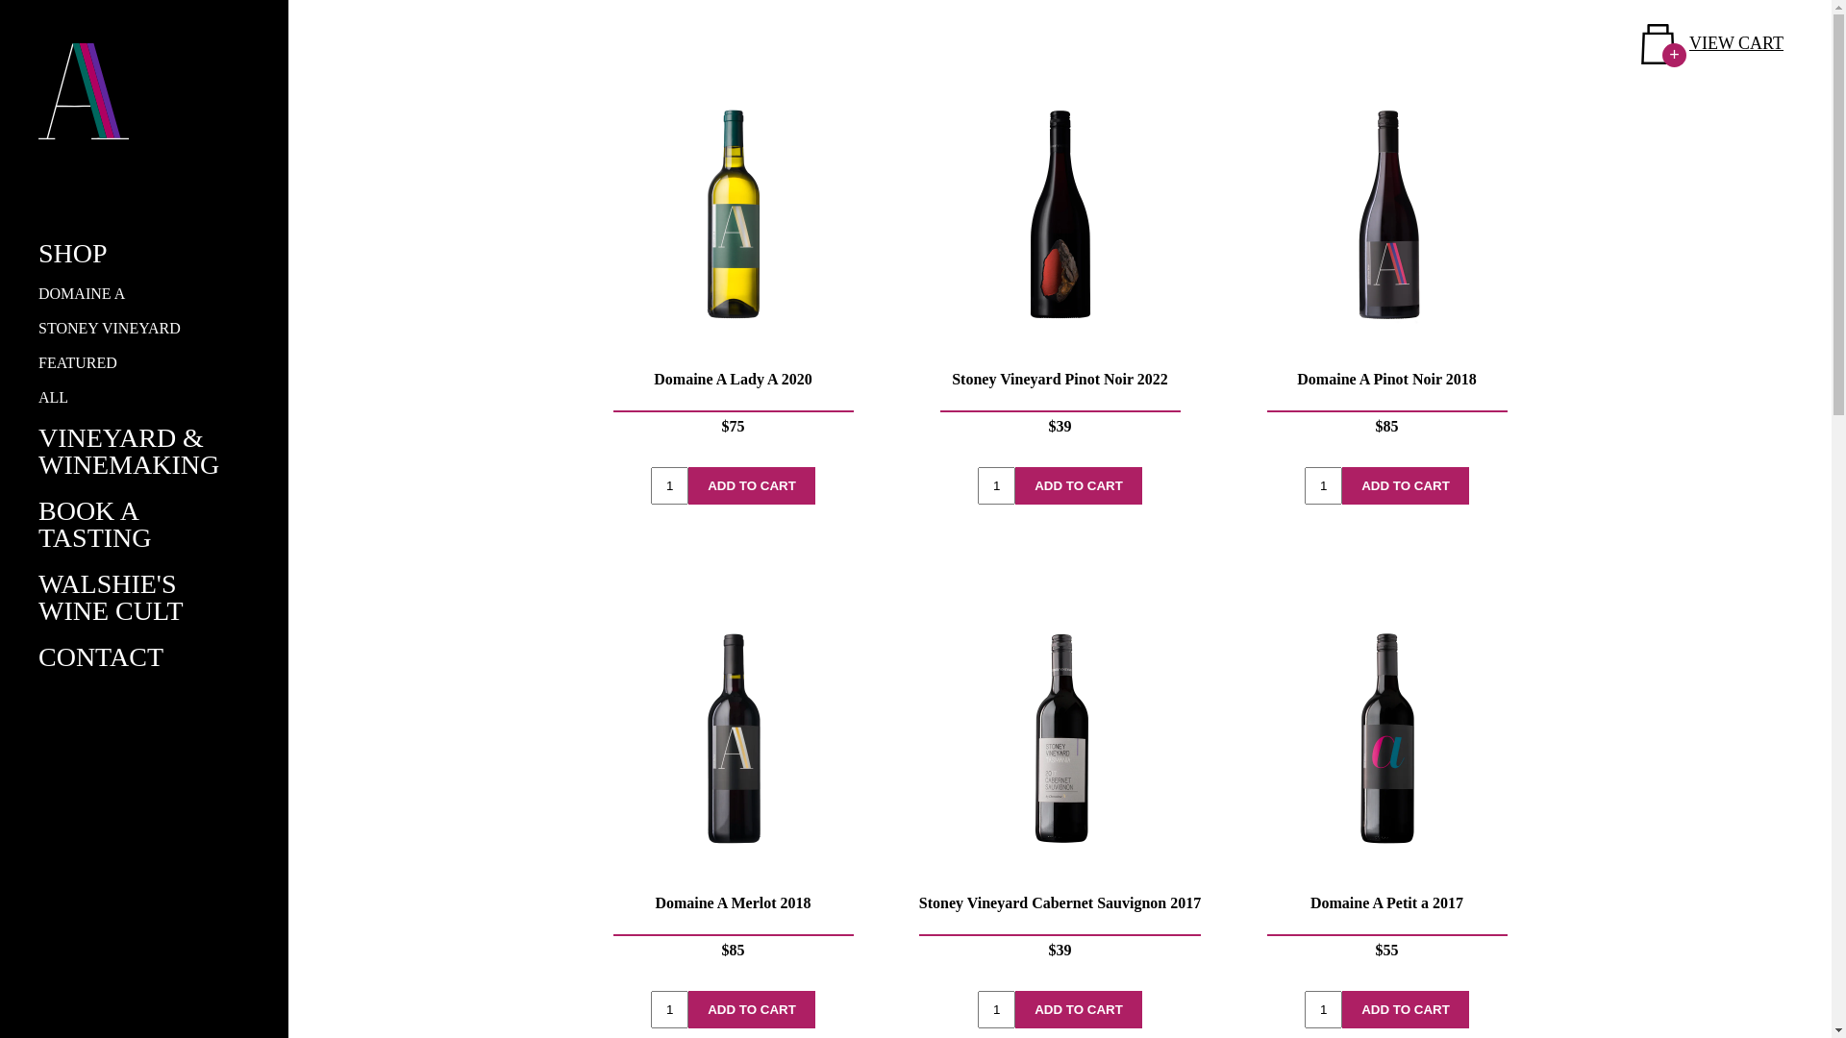  What do you see at coordinates (53, 396) in the screenshot?
I see `'ALL'` at bounding box center [53, 396].